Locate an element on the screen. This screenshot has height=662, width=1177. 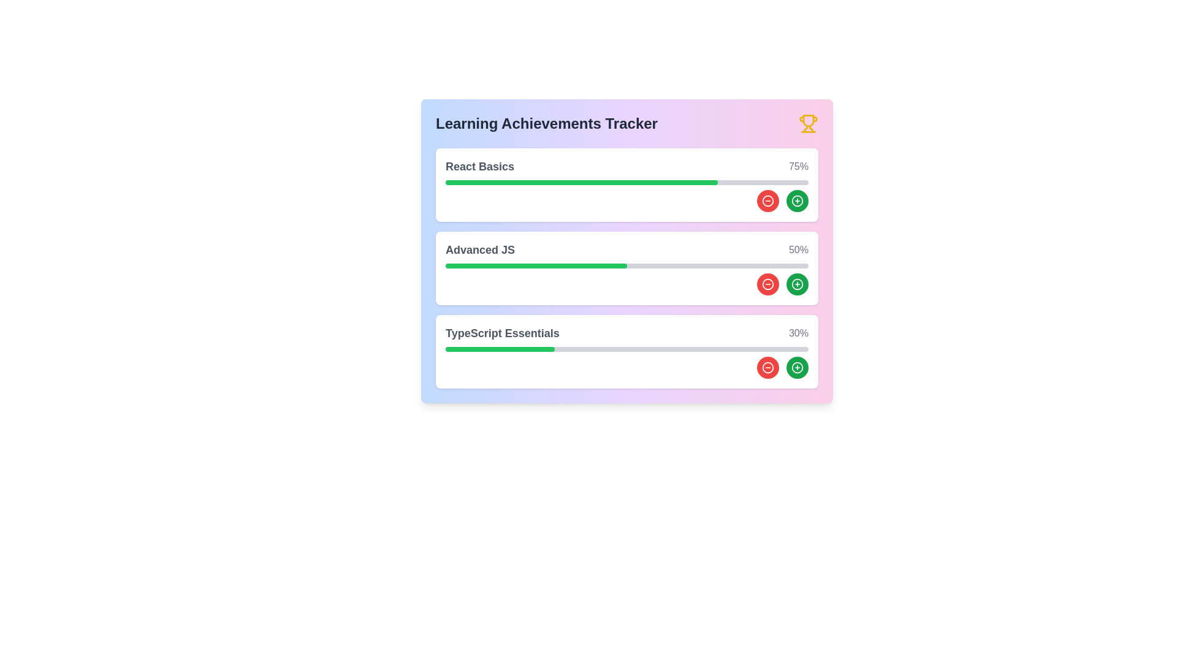
the green circular button on the right side of the progress bar associated with 'React Basics', which contains the target circle is located at coordinates (797, 200).